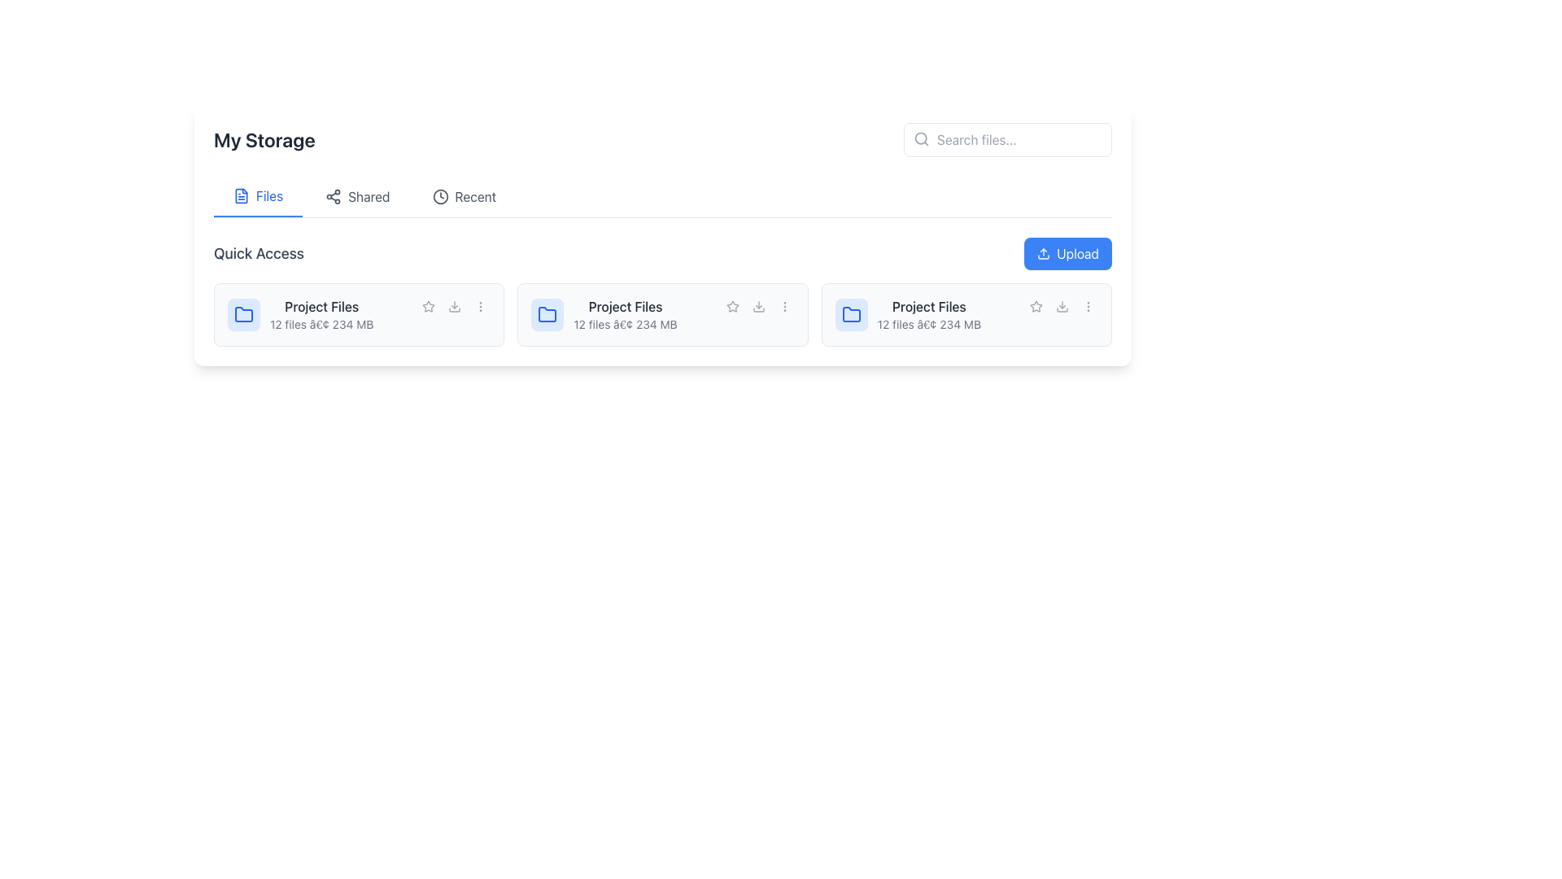  Describe the element at coordinates (731, 307) in the screenshot. I see `the star-shaped icon with a thin gray outline in the 'Project Files' card within the 'Quick Access' section` at that location.